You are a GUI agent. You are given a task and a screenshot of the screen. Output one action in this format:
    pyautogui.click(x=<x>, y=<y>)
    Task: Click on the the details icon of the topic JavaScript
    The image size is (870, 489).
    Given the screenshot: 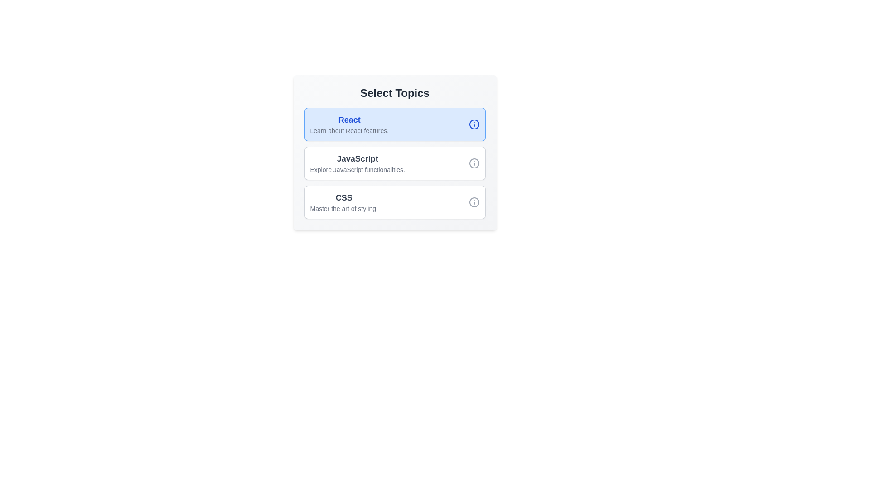 What is the action you would take?
    pyautogui.click(x=474, y=163)
    